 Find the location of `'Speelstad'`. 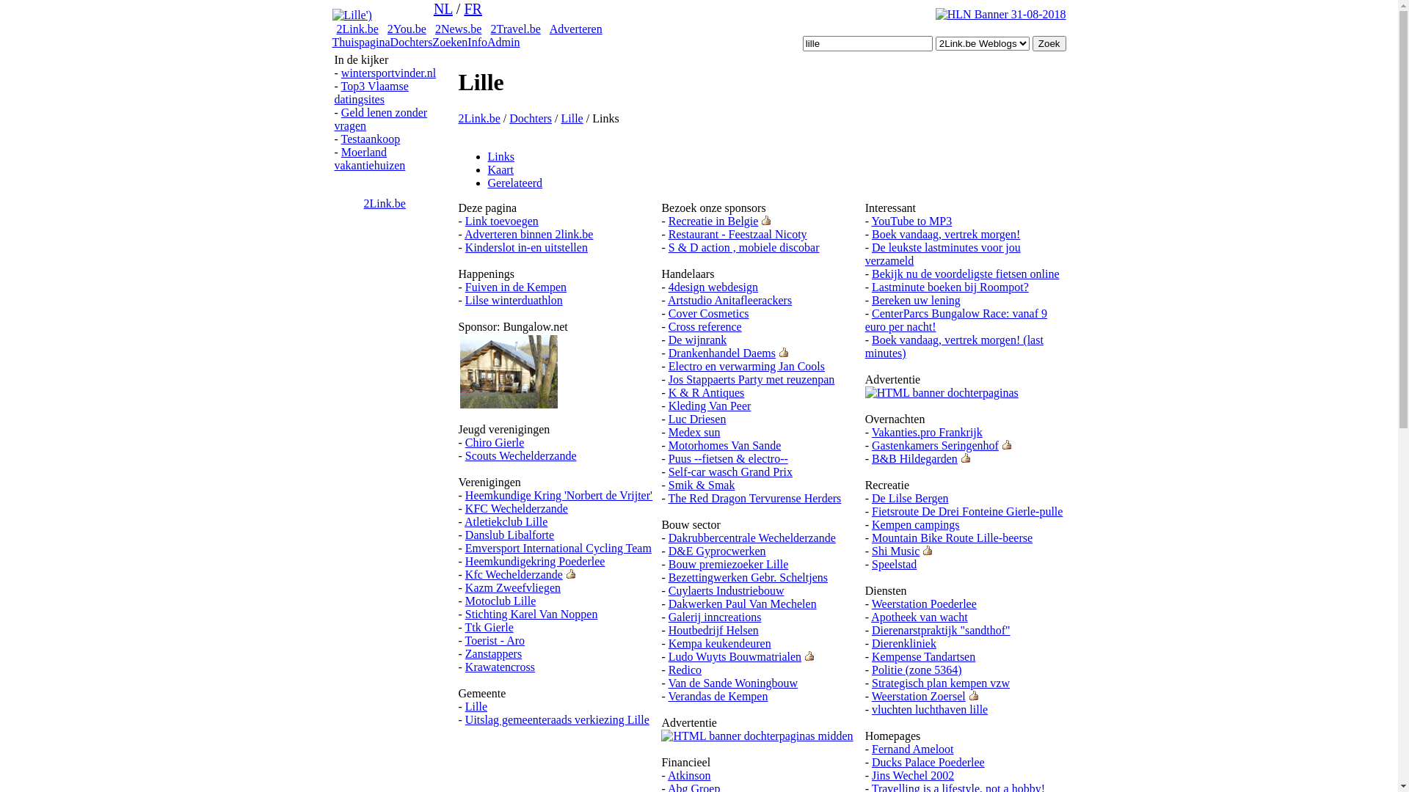

'Speelstad' is located at coordinates (893, 563).